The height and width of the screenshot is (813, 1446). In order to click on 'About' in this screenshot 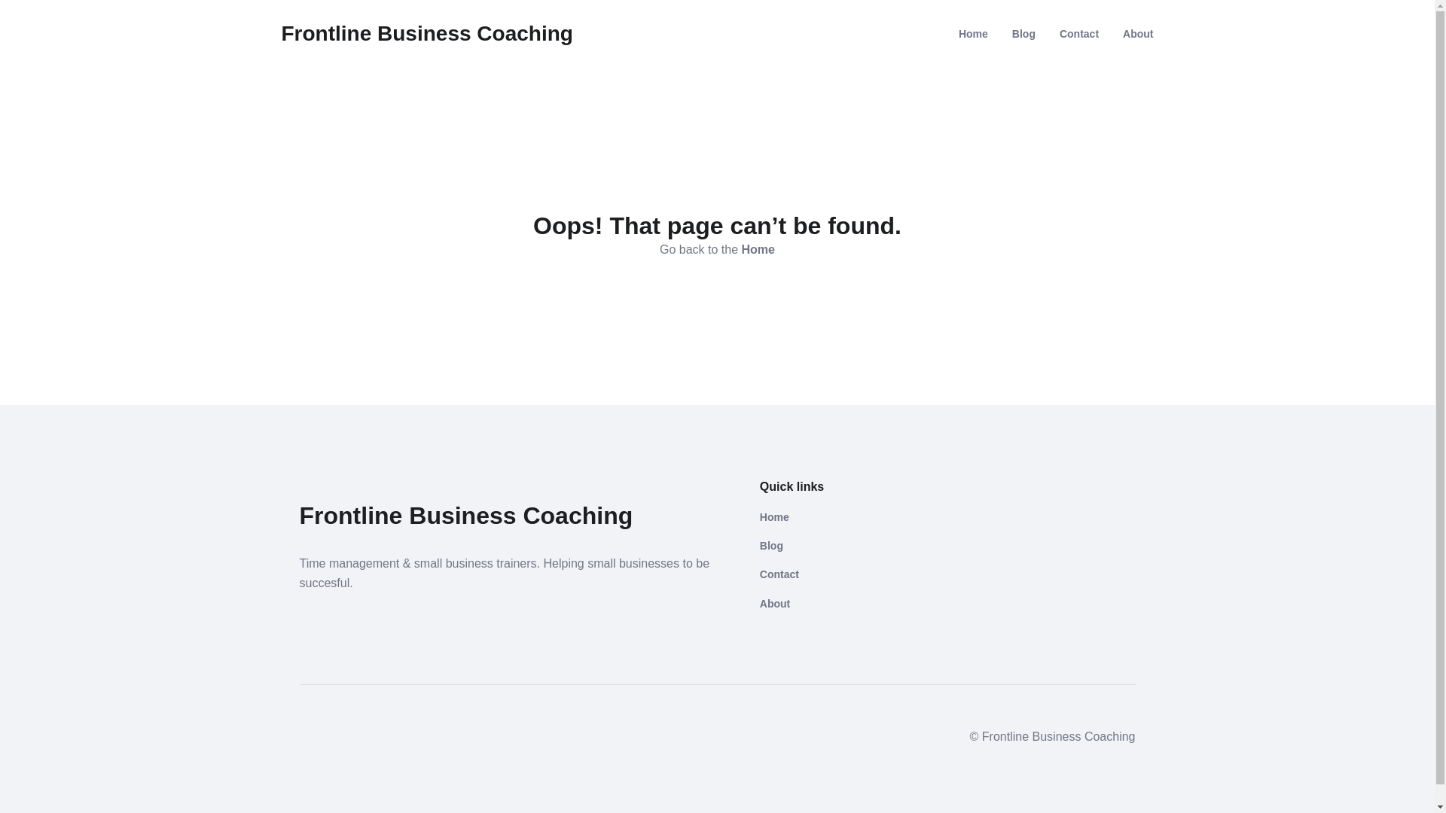, I will do `click(1123, 34)`.